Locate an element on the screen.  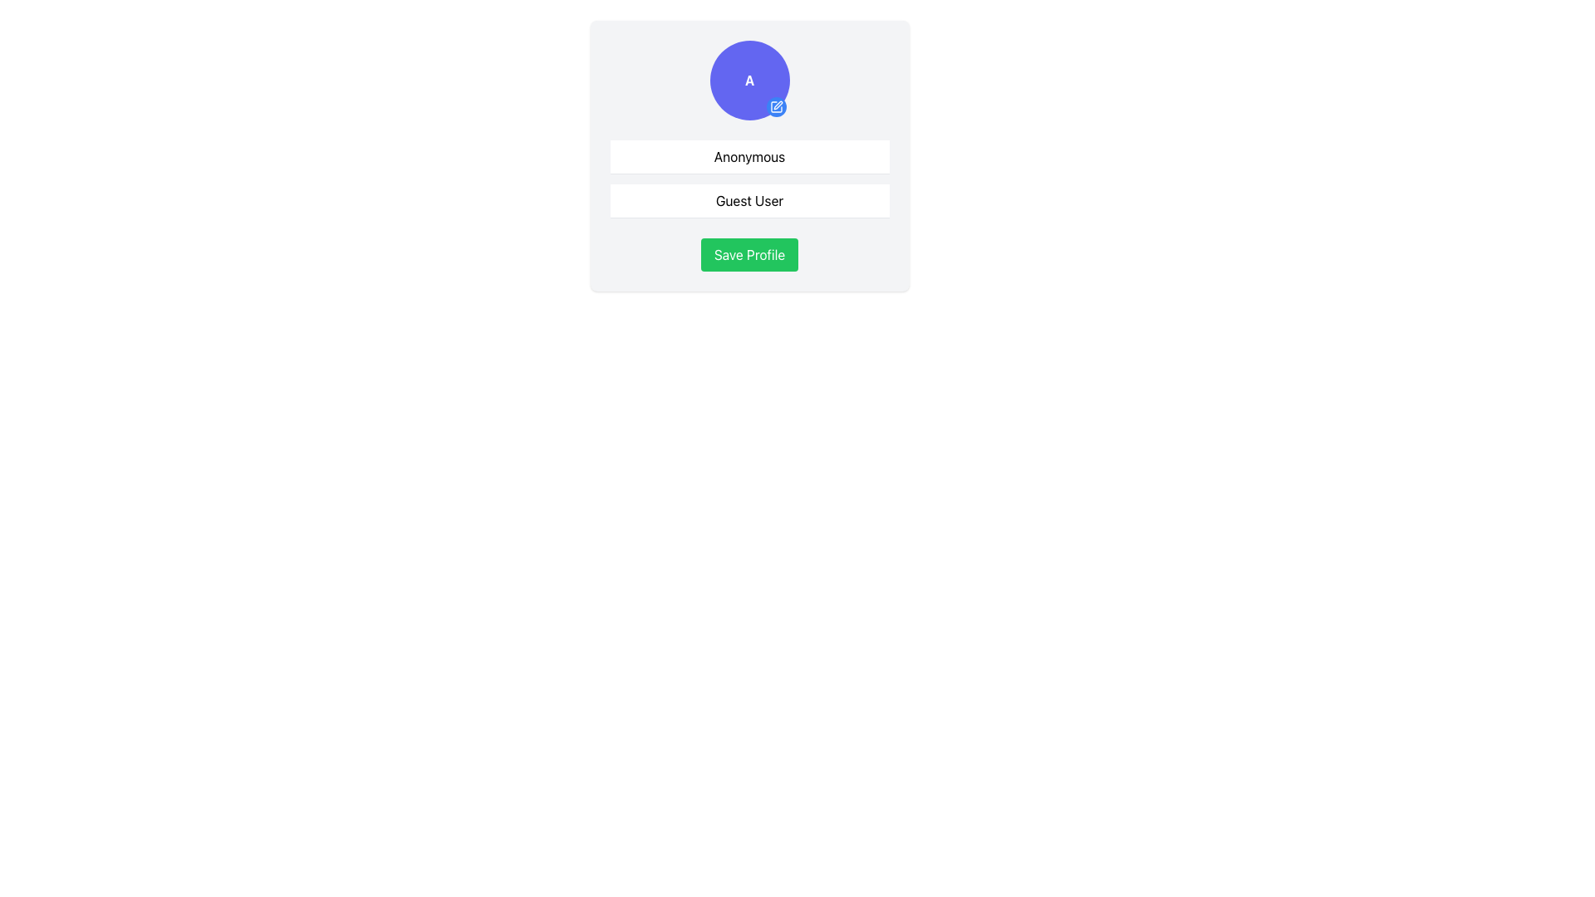
the icon button located at the bottom-right corner of the circular avatar is located at coordinates (775, 106).